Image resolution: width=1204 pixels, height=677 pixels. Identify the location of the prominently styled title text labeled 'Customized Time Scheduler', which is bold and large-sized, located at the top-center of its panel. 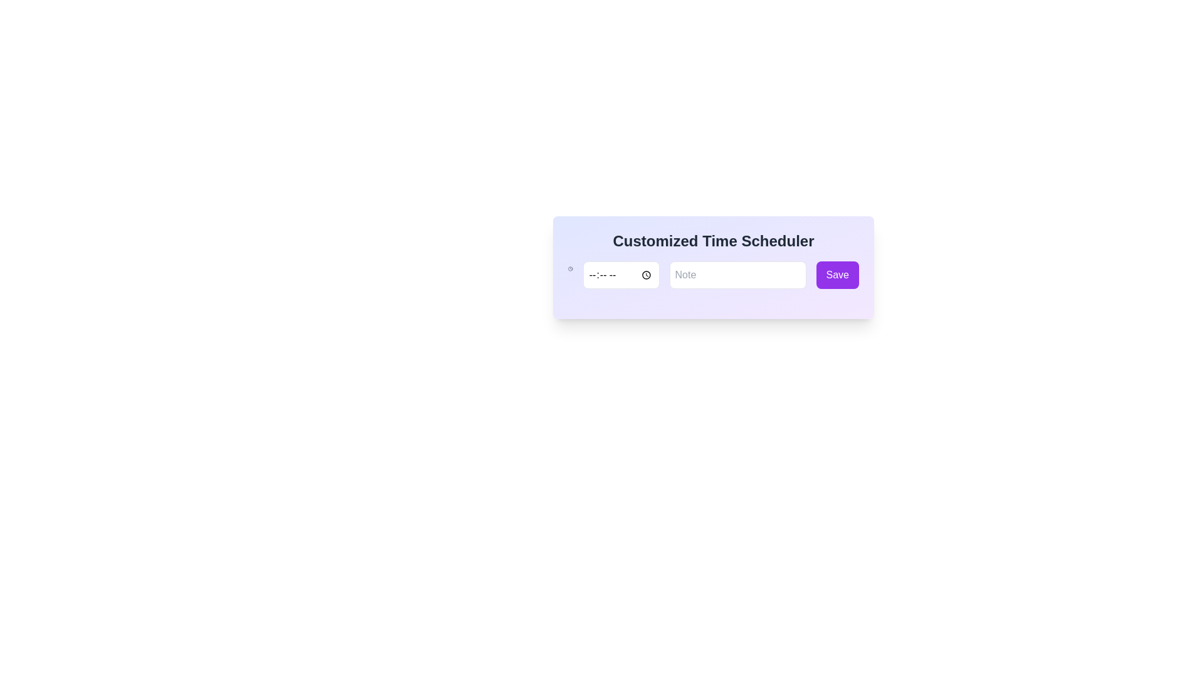
(713, 241).